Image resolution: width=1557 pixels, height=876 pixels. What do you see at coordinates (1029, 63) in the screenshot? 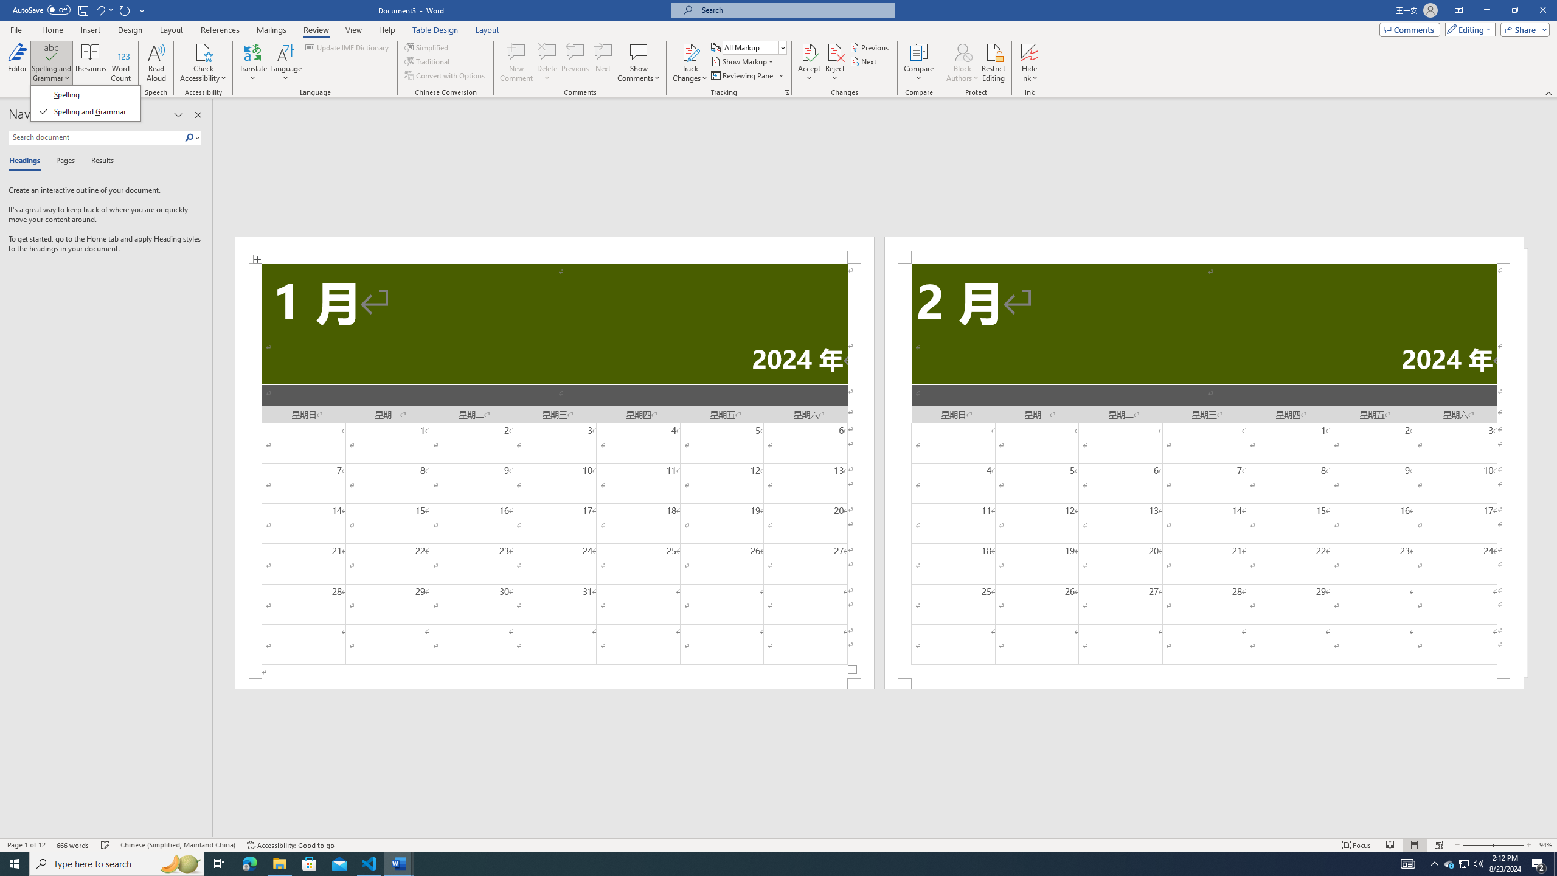
I see `'Hide Ink'` at bounding box center [1029, 63].